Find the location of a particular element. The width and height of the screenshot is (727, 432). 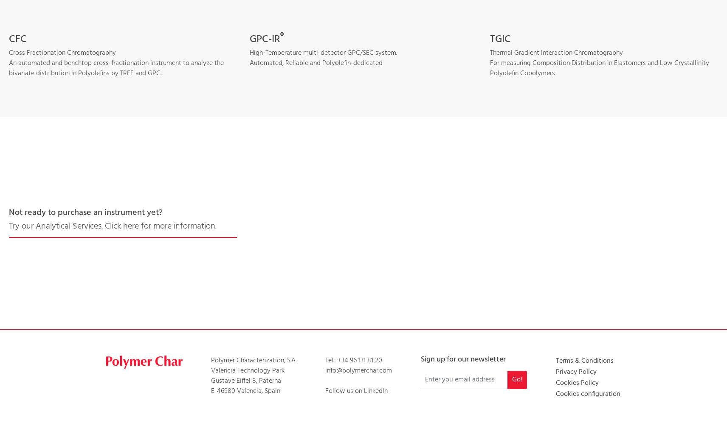

'info@polymerchar.com' is located at coordinates (358, 370).